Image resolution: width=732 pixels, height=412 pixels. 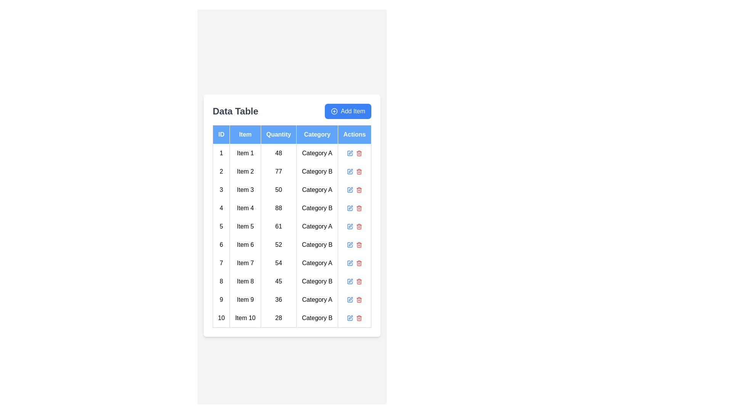 What do you see at coordinates (278, 318) in the screenshot?
I see `on the static text label indicating the quantity value '28' for 'Item 10' in the 'Quantity' column of the table` at bounding box center [278, 318].